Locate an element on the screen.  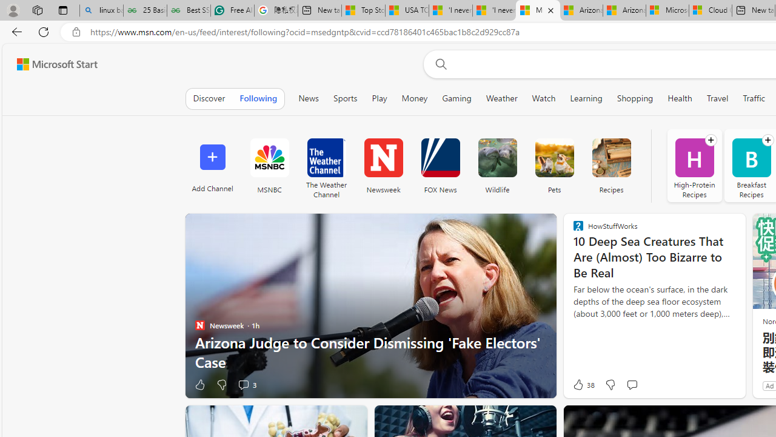
'Pets' is located at coordinates (554, 157).